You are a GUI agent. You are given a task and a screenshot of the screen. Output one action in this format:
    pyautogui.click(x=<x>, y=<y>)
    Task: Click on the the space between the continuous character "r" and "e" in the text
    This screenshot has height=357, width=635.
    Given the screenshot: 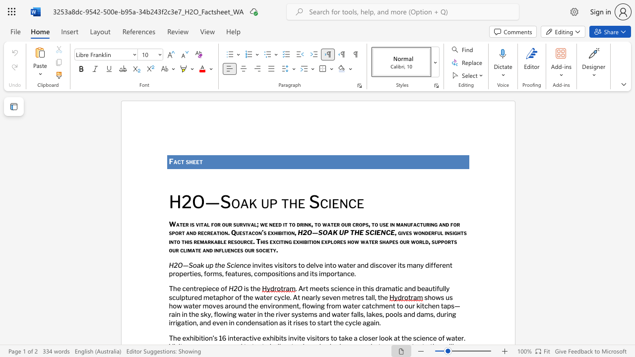 What is the action you would take?
    pyautogui.click(x=198, y=289)
    